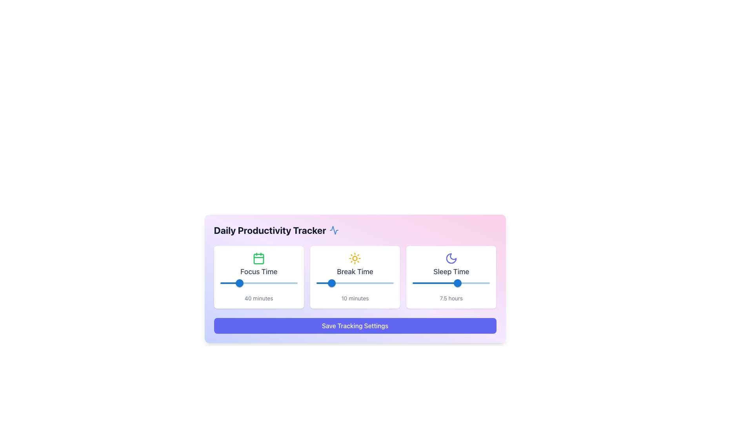 The width and height of the screenshot is (753, 423). What do you see at coordinates (277, 283) in the screenshot?
I see `the focus time` at bounding box center [277, 283].